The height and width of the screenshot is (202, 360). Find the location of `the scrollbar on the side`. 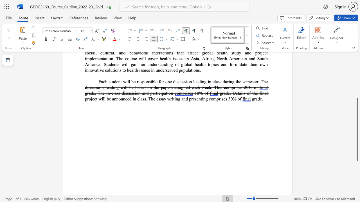

the scrollbar on the side is located at coordinates (357, 87).